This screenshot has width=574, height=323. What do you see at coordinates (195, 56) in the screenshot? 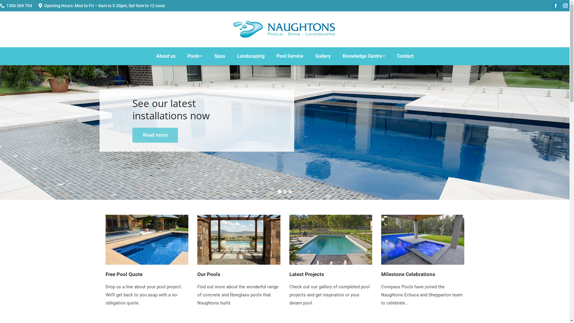
I see `'Pools'` at bounding box center [195, 56].